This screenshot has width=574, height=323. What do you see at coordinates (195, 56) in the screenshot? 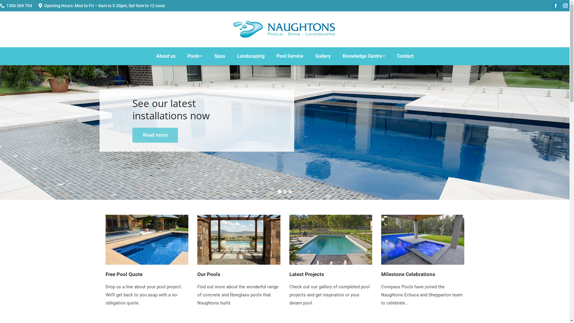
I see `'Pools'` at bounding box center [195, 56].